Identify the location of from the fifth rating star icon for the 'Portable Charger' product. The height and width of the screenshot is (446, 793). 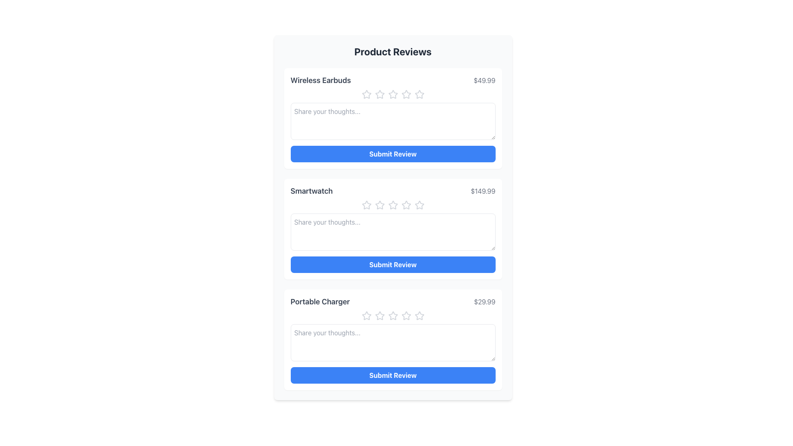
(419, 316).